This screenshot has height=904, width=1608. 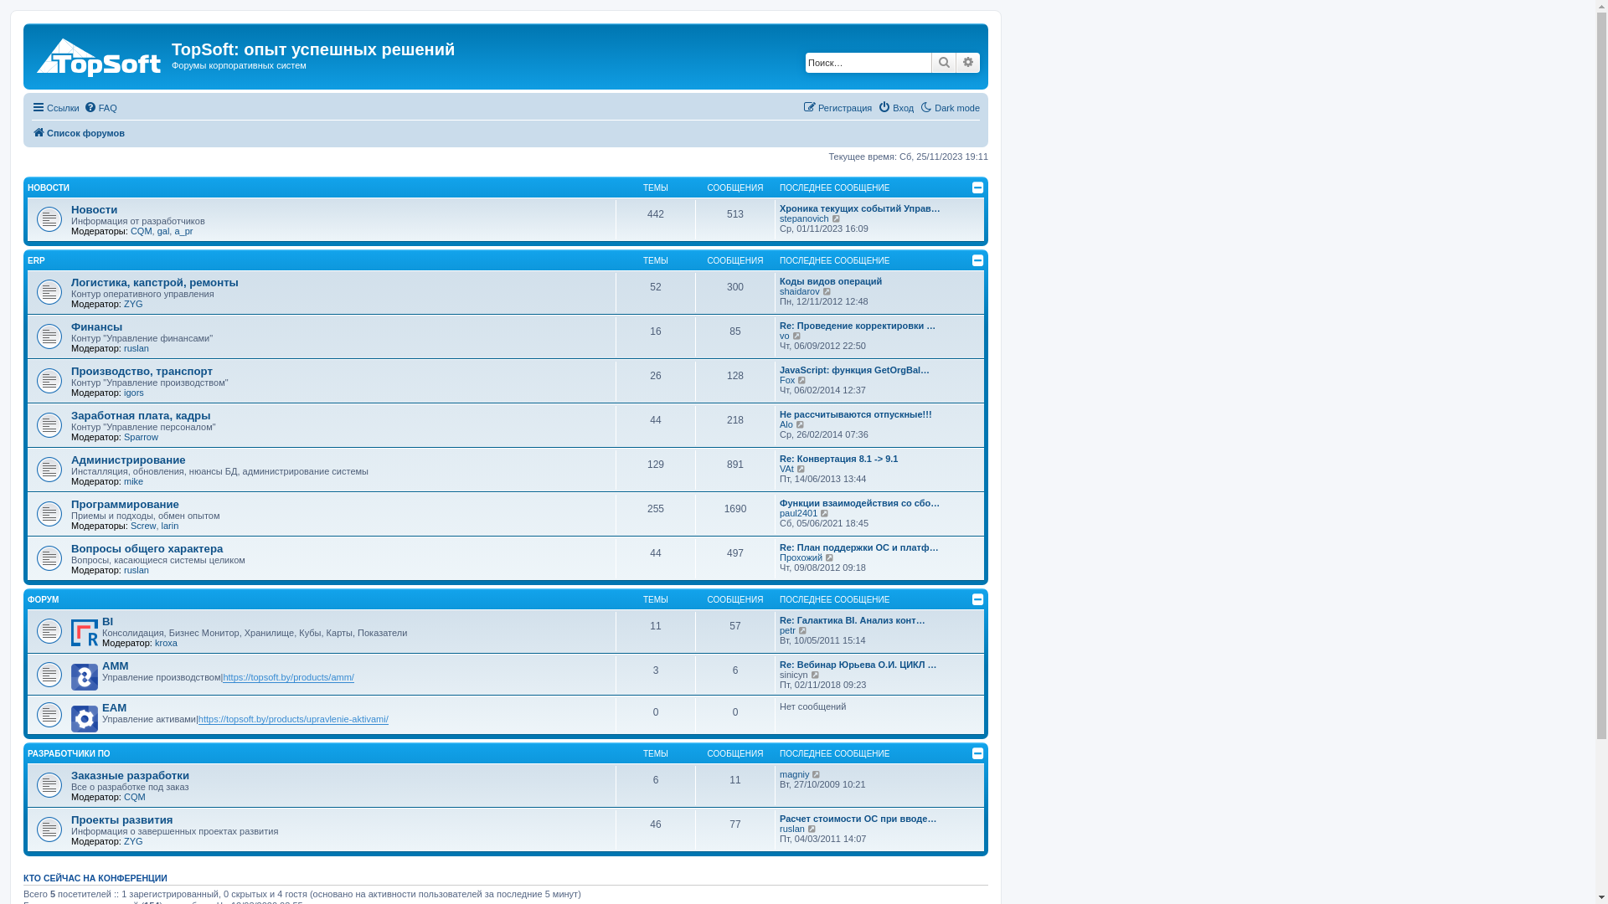 I want to click on 'ZYG', so click(x=132, y=841).